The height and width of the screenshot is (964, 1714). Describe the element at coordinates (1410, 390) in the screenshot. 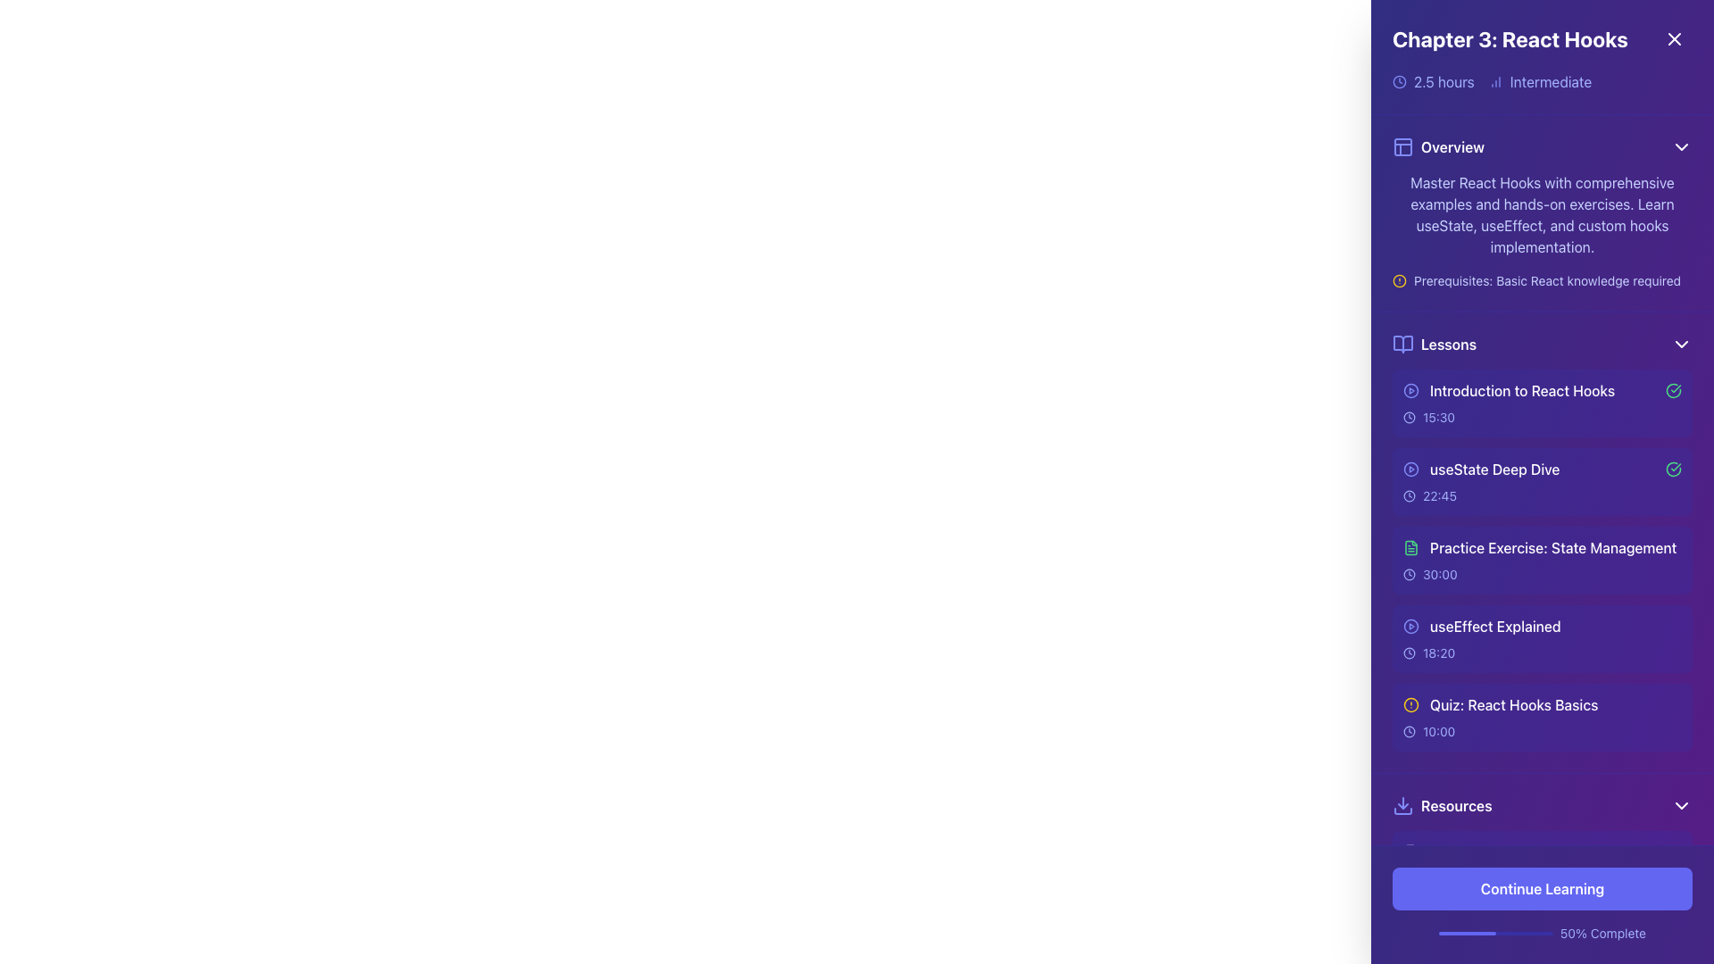

I see `the play icon button located to the left of the 'Introduction to React Hooks' lesson name in the 'Lessons' section to play the lesson content` at that location.